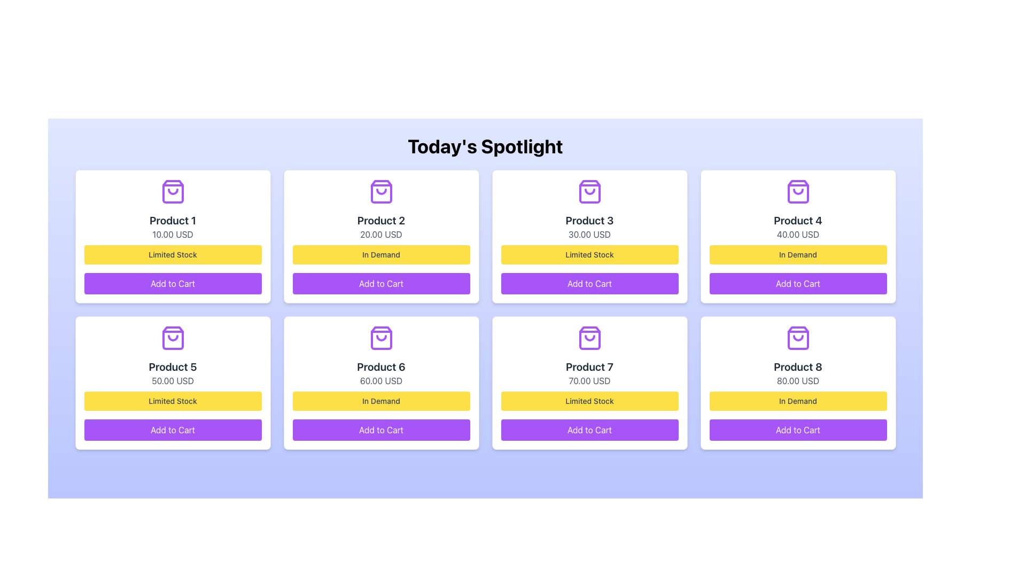  Describe the element at coordinates (381, 220) in the screenshot. I see `the text label displaying 'Product 2' which is styled prominently in bold and dark grey, located in the upper section of the second card` at that location.